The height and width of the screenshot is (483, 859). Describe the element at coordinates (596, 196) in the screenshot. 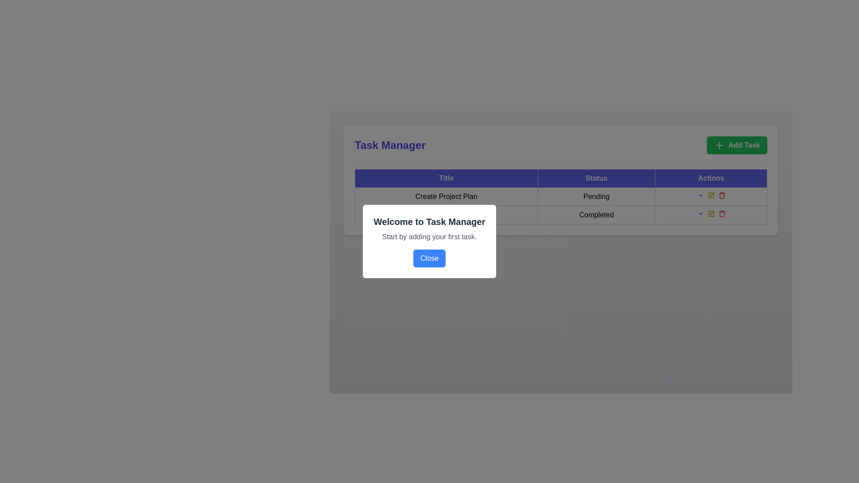

I see `the text label 'Pending' in the second cell of the 'Status' column of the table, which is styled with a border and centered alignment` at that location.